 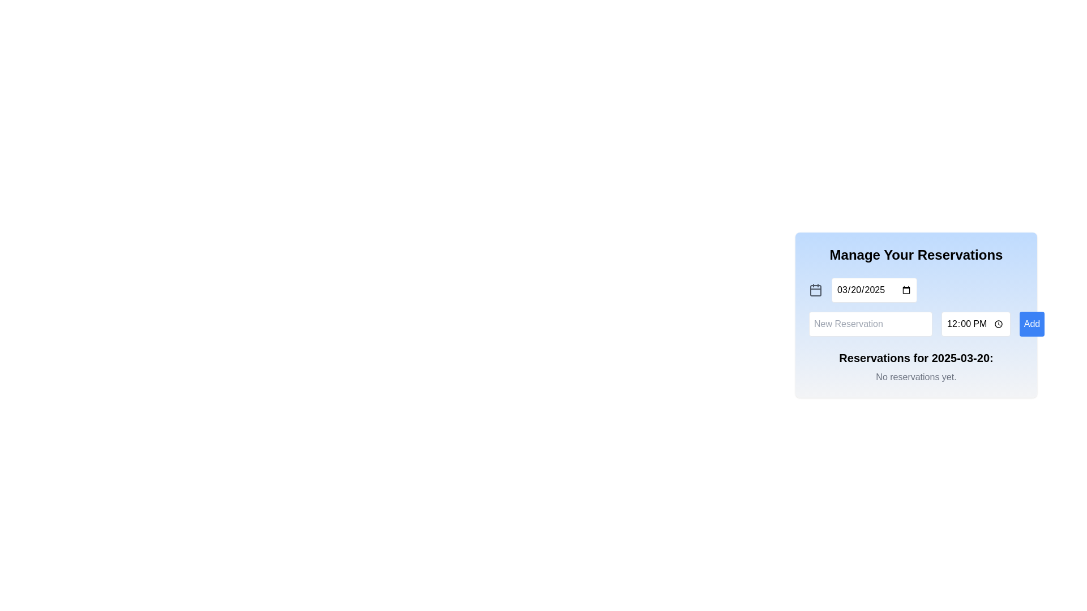 I want to click on the Time input field located between the 'New Reservation' text input and the blue 'Add' button, so click(x=975, y=324).